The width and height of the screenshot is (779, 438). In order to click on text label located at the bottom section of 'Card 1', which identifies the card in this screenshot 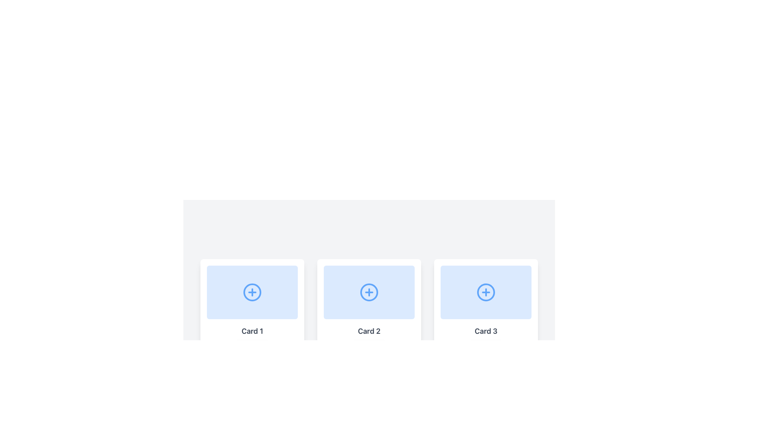, I will do `click(252, 331)`.